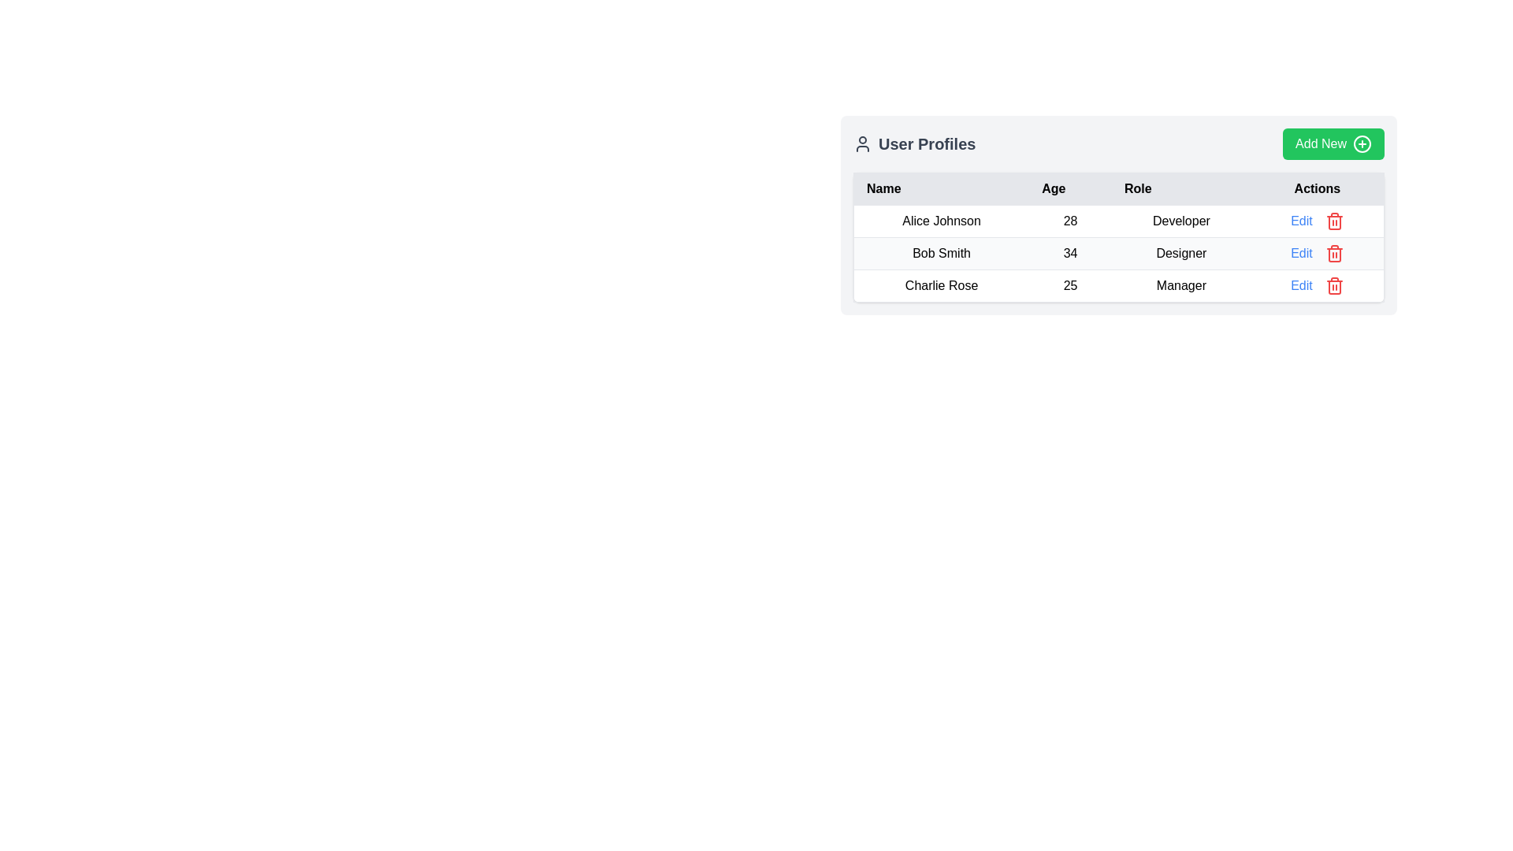  Describe the element at coordinates (1333, 252) in the screenshot. I see `the delete icon button located in the 'Actions' column of the second row in the table` at that location.